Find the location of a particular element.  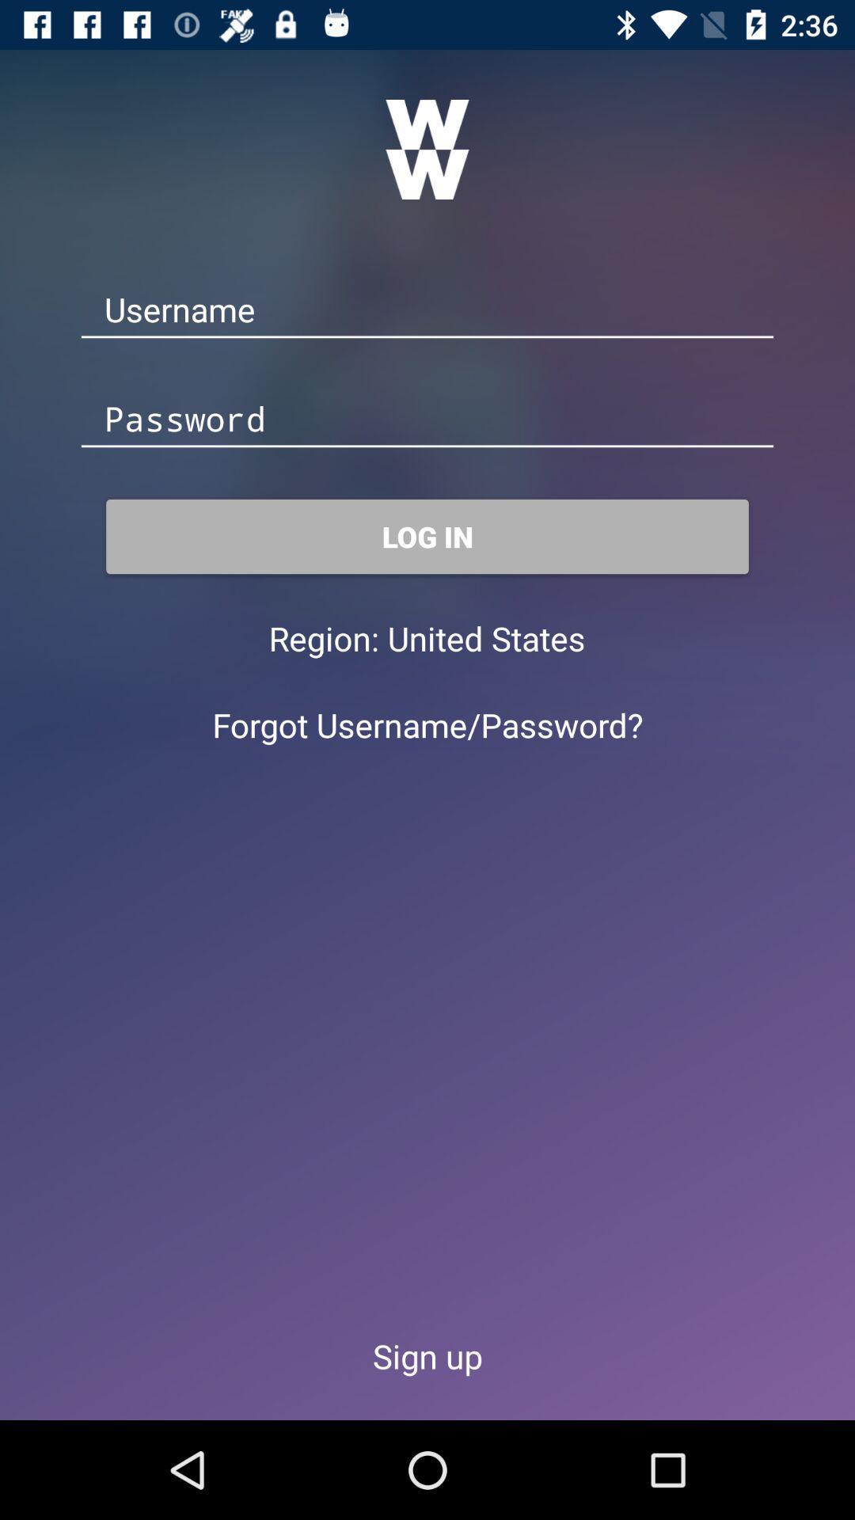

the icon to the right of the region:  icon is located at coordinates (485, 638).